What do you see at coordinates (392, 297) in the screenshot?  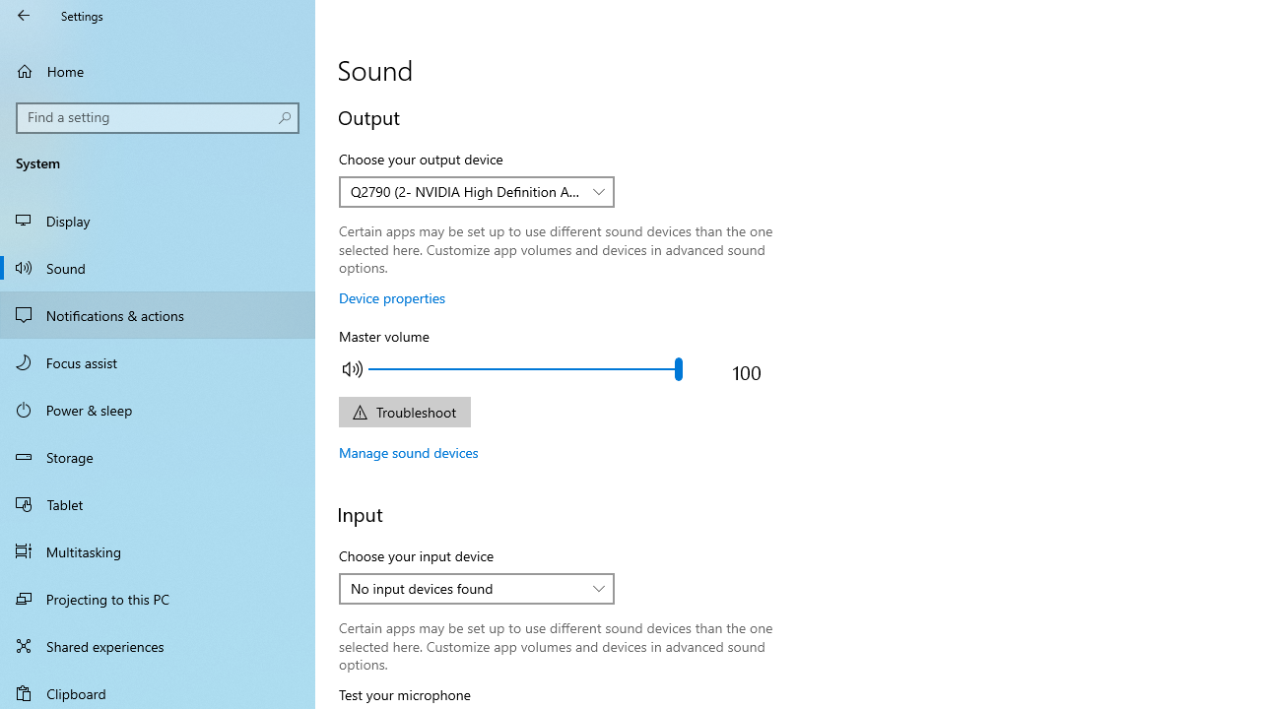 I see `'Device properties'` at bounding box center [392, 297].